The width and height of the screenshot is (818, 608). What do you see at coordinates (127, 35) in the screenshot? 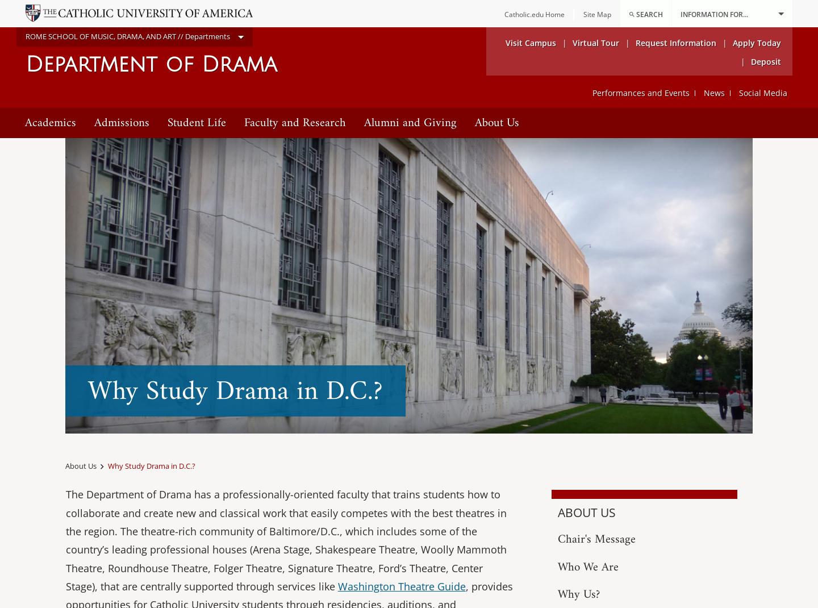
I see `'ROME SCHOOL OF MUSIC, DRAMA, AND ART
										    					        // 
					        					            Departments'` at bounding box center [127, 35].